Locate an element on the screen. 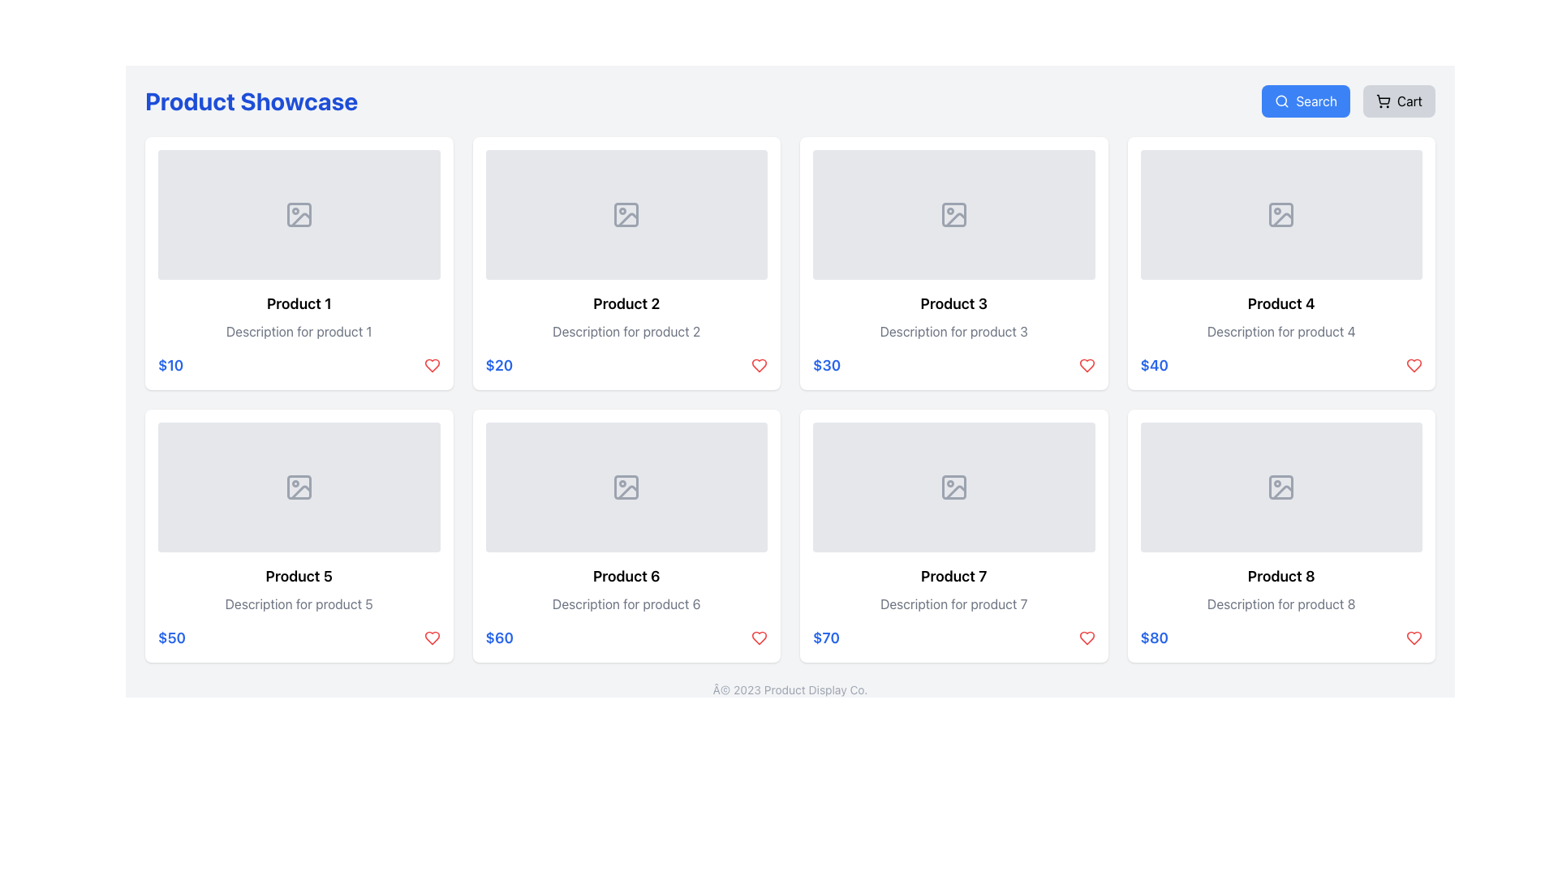 This screenshot has height=876, width=1558. the Image Placeholder, which is a rectangular element with a gray background and a centered icon, located in the 'Product 7' card is located at coordinates (953, 487).